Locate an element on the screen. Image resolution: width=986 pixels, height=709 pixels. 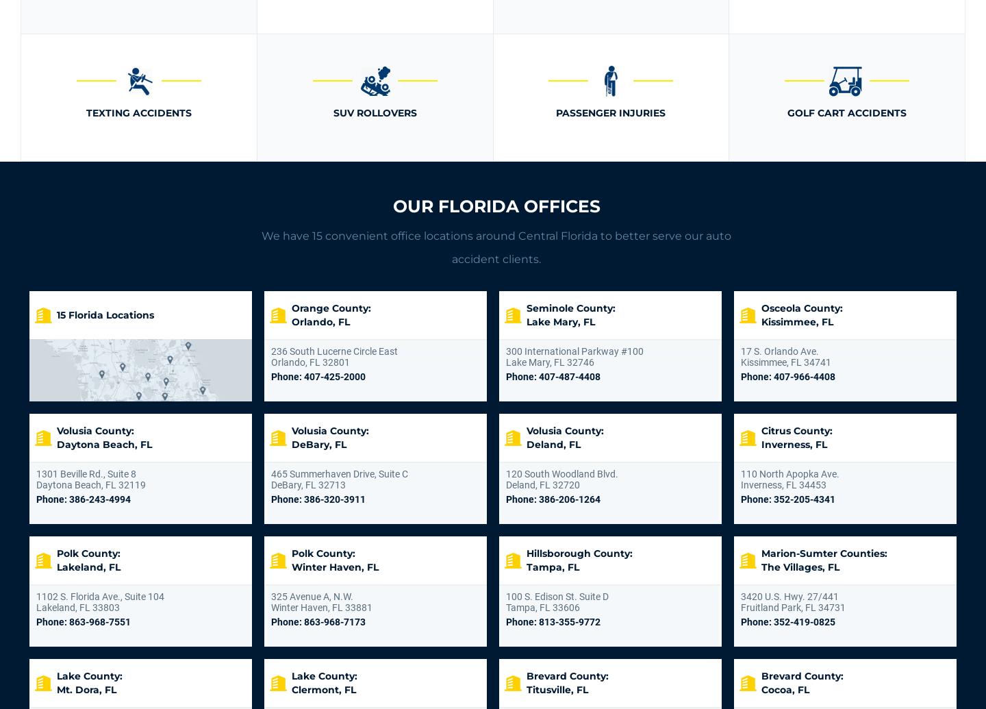
'Winter Haven, FL' is located at coordinates (334, 567).